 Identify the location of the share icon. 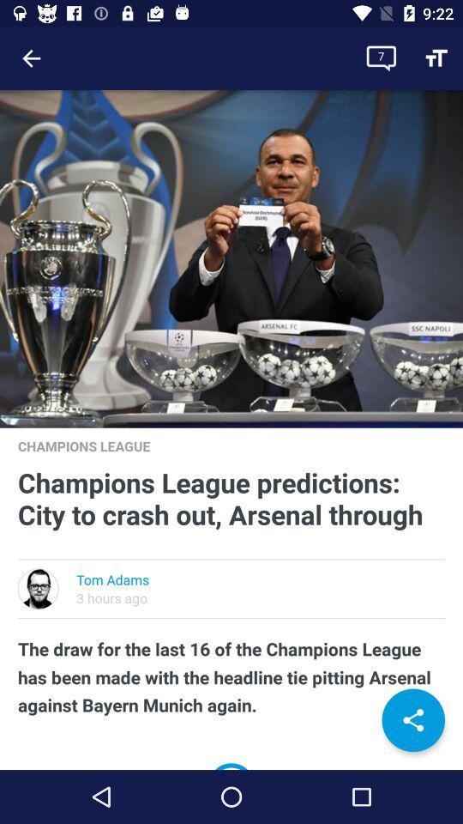
(412, 720).